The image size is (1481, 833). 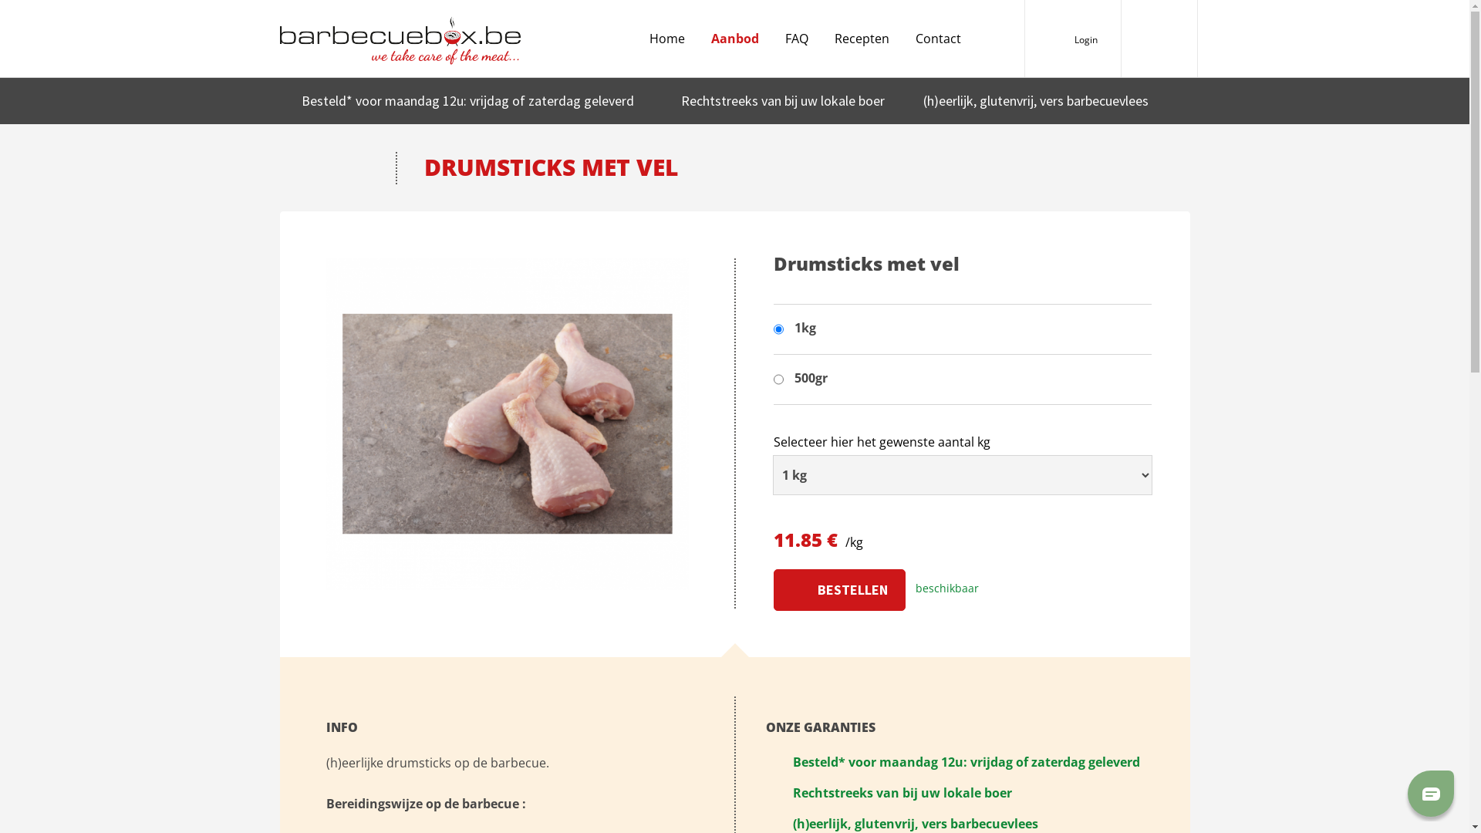 I want to click on 'Gebruiker', so click(x=1050, y=38).